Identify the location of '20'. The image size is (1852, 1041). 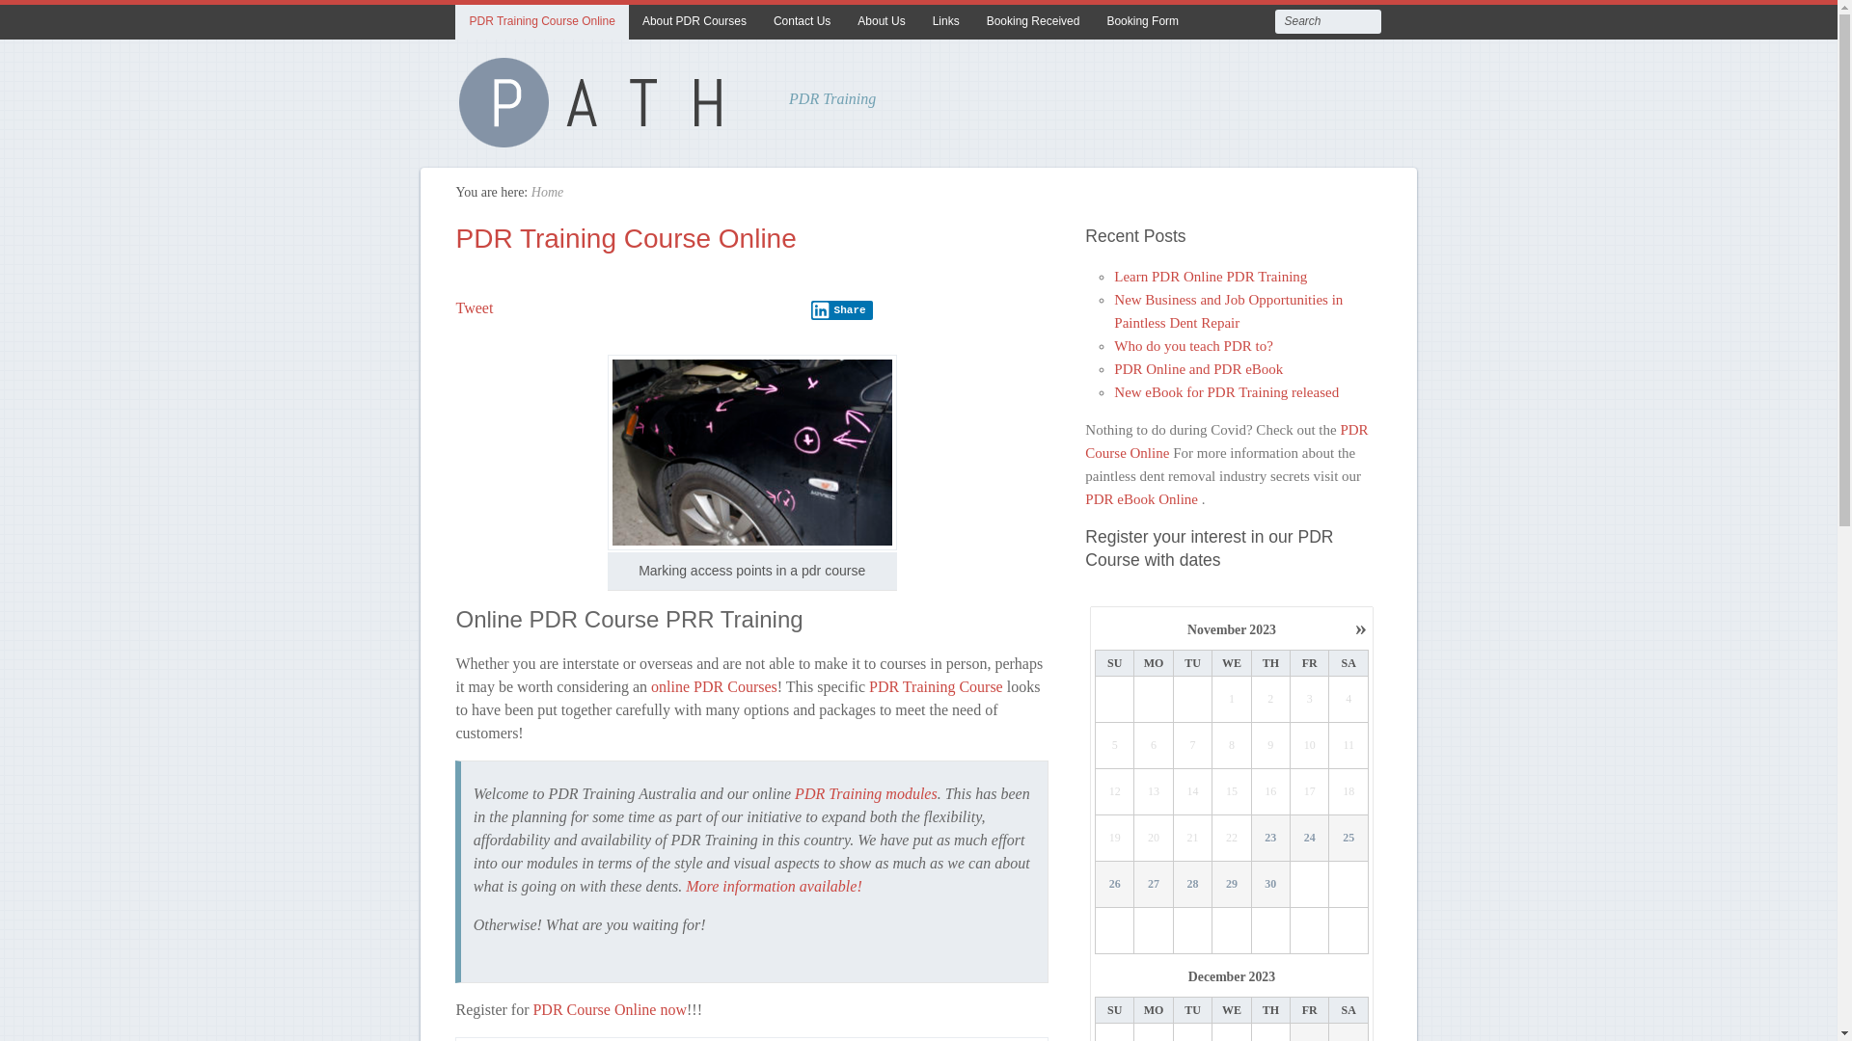
(1153, 838).